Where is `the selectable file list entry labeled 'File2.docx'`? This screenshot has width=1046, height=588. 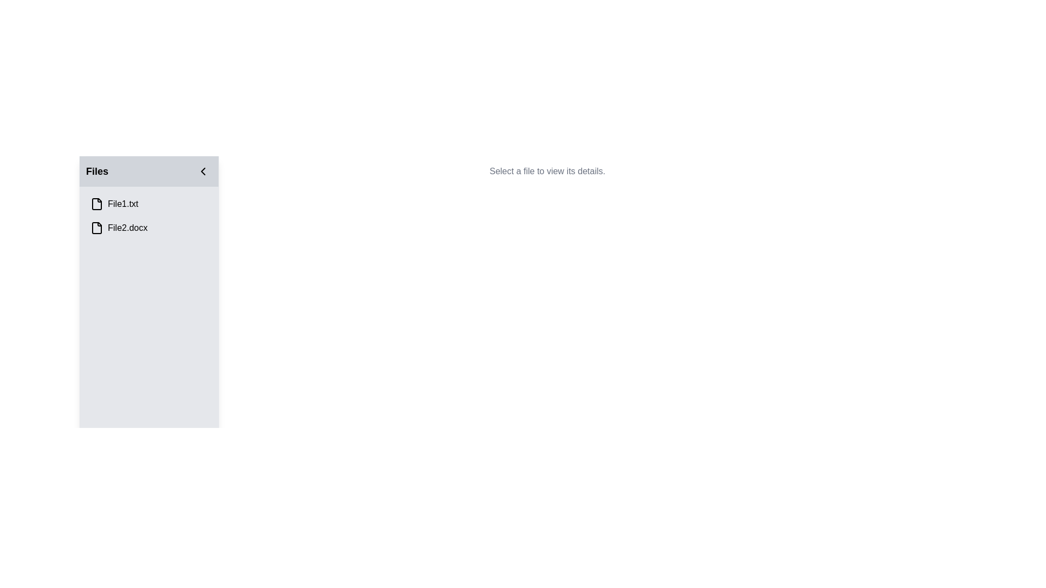
the selectable file list entry labeled 'File2.docx' is located at coordinates (148, 228).